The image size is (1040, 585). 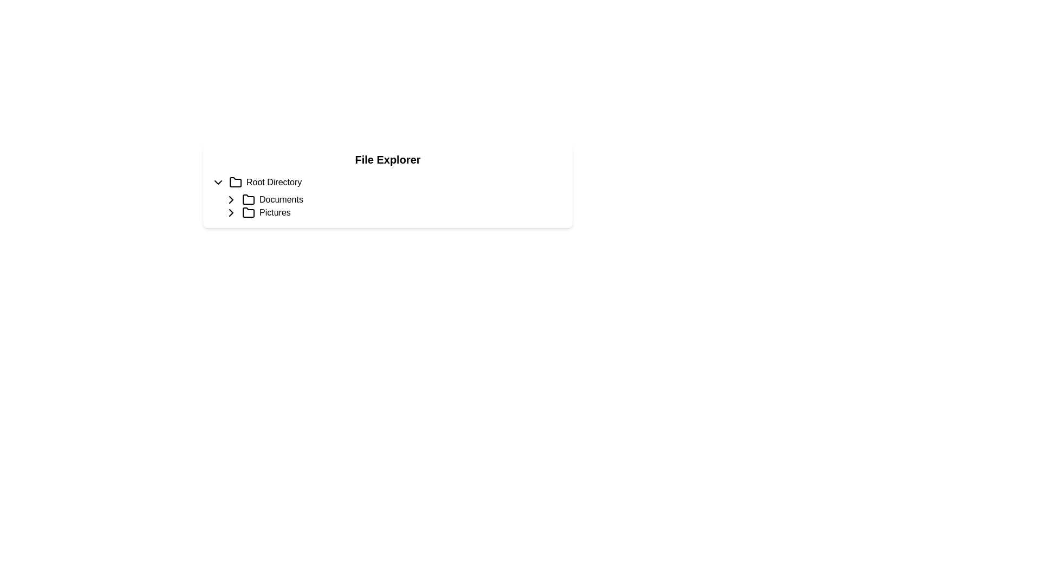 What do you see at coordinates (248, 213) in the screenshot?
I see `the 'Pictures' directory icon located to the left of the 'Pictures' label in the file explorer UI to interact with the associated directory` at bounding box center [248, 213].